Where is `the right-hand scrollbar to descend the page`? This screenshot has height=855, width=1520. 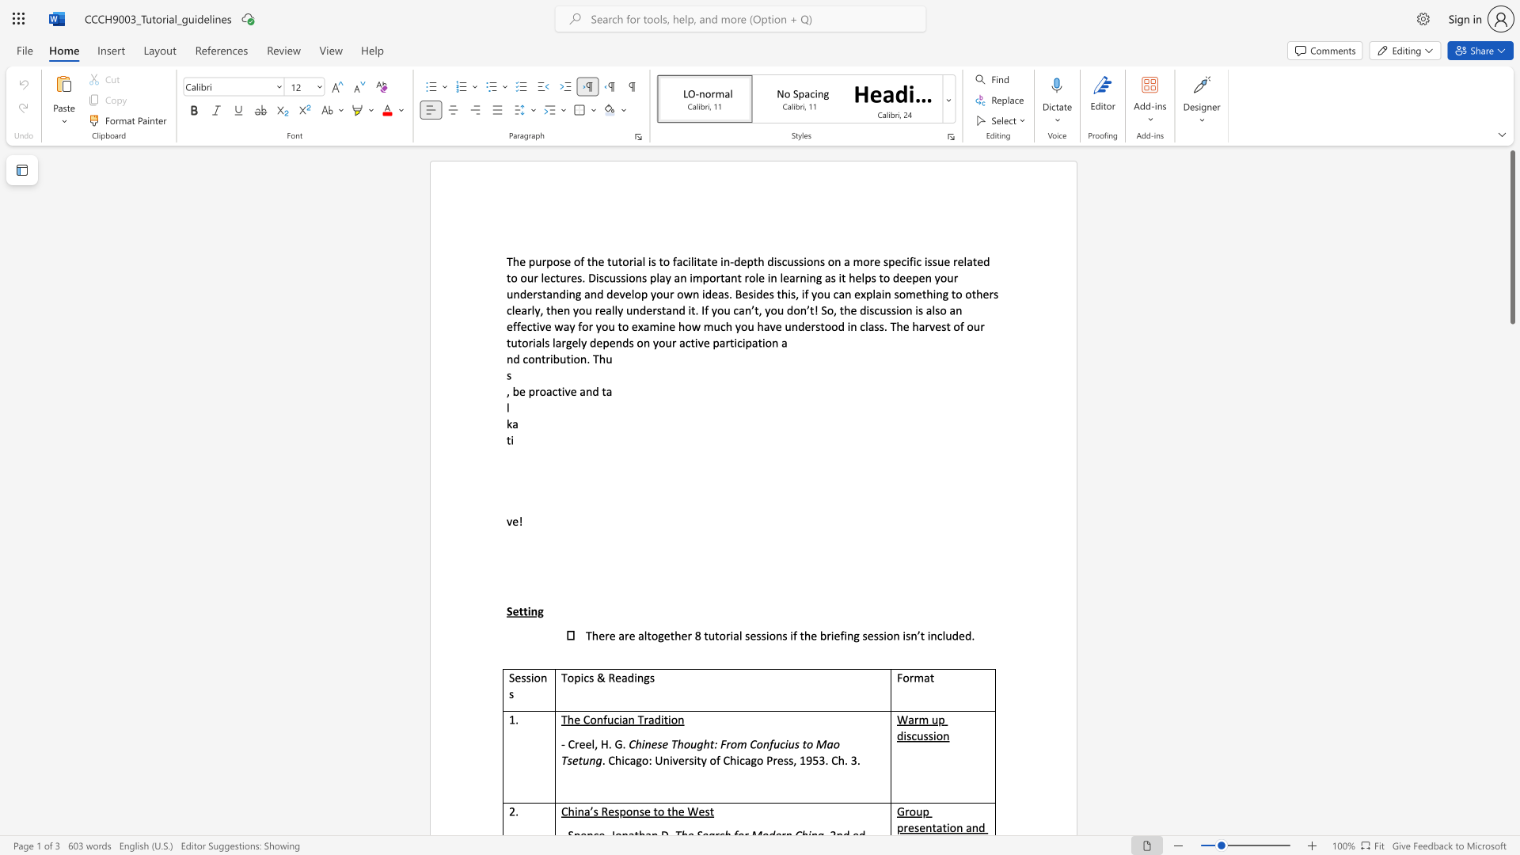 the right-hand scrollbar to descend the page is located at coordinates (1511, 515).